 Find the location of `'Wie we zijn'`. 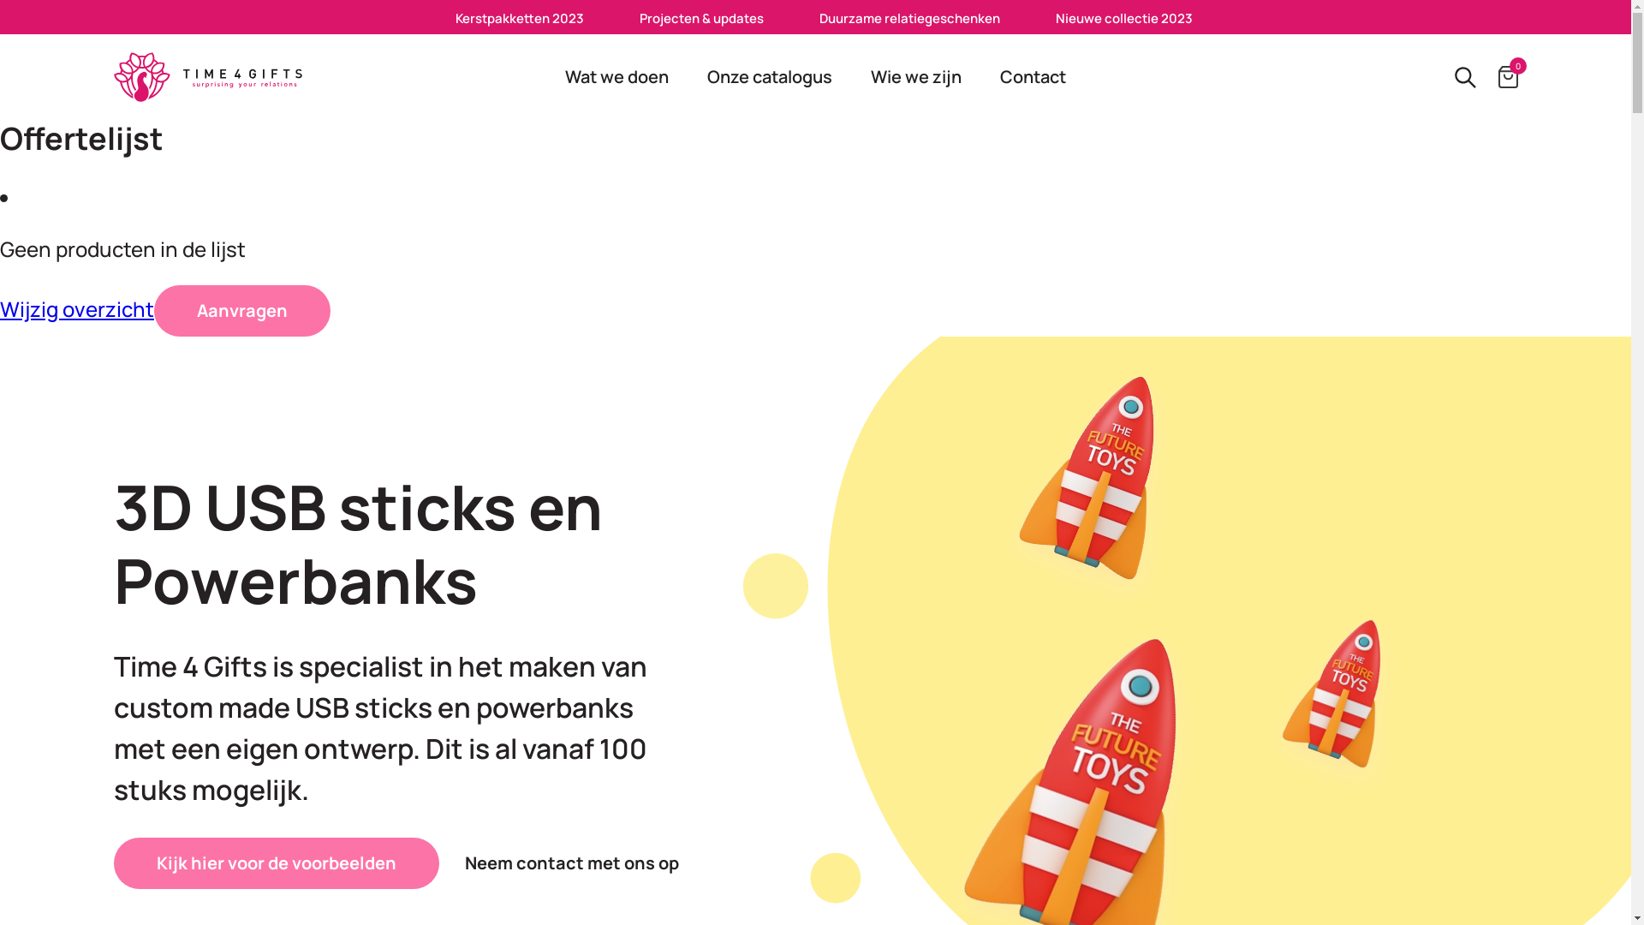

'Wie we zijn' is located at coordinates (854, 75).